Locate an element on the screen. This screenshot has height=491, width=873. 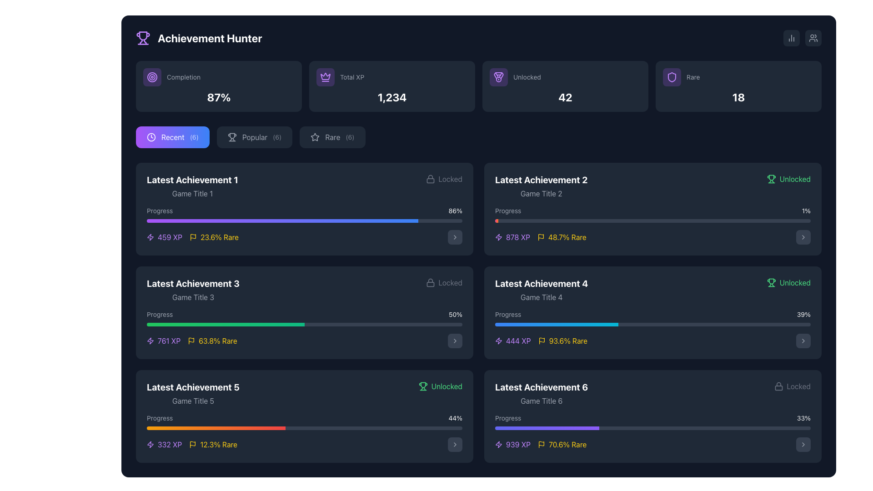
the information displayed on the 'Unlocked' label with a trophy icon, located at the top-right corner of the 'Latest Achievement 4' section is located at coordinates (788, 282).